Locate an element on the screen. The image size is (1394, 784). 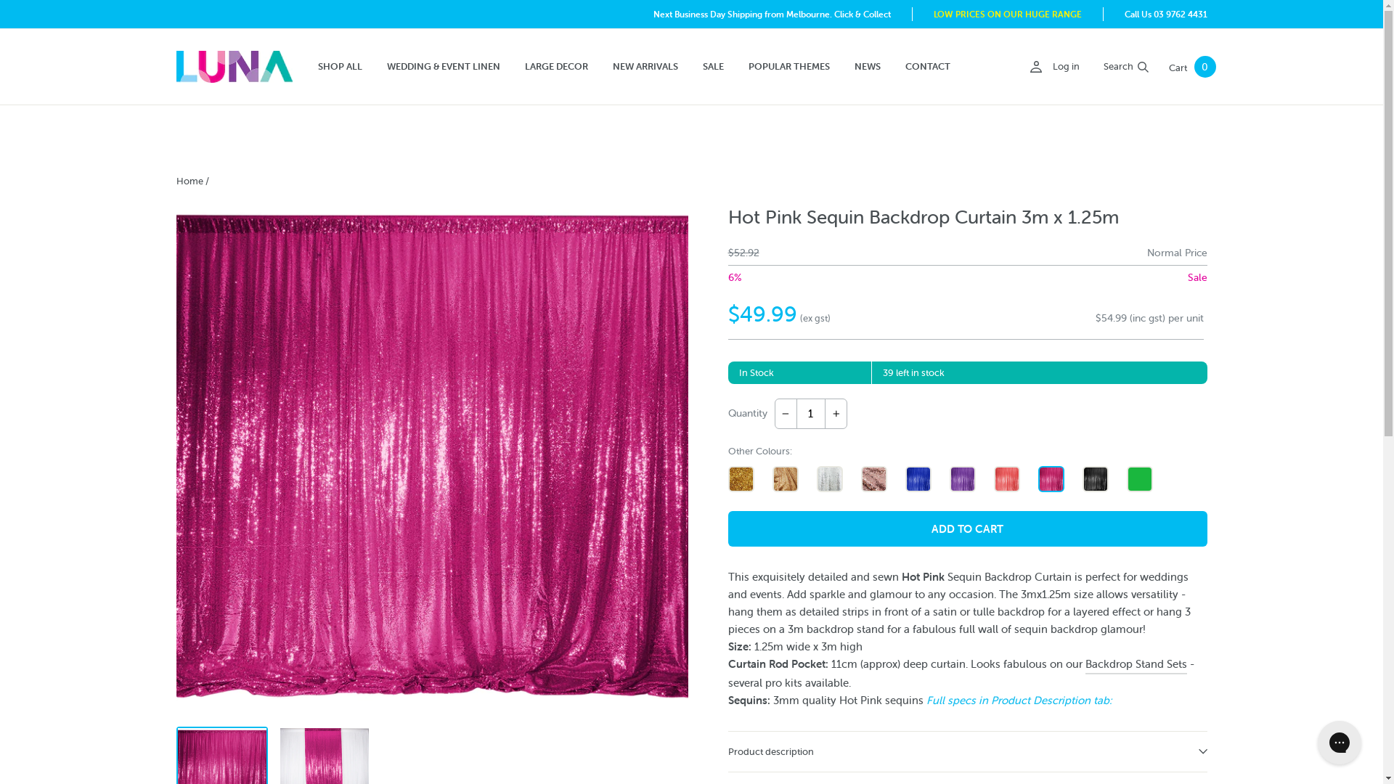
'CONTACT' is located at coordinates (926, 67).